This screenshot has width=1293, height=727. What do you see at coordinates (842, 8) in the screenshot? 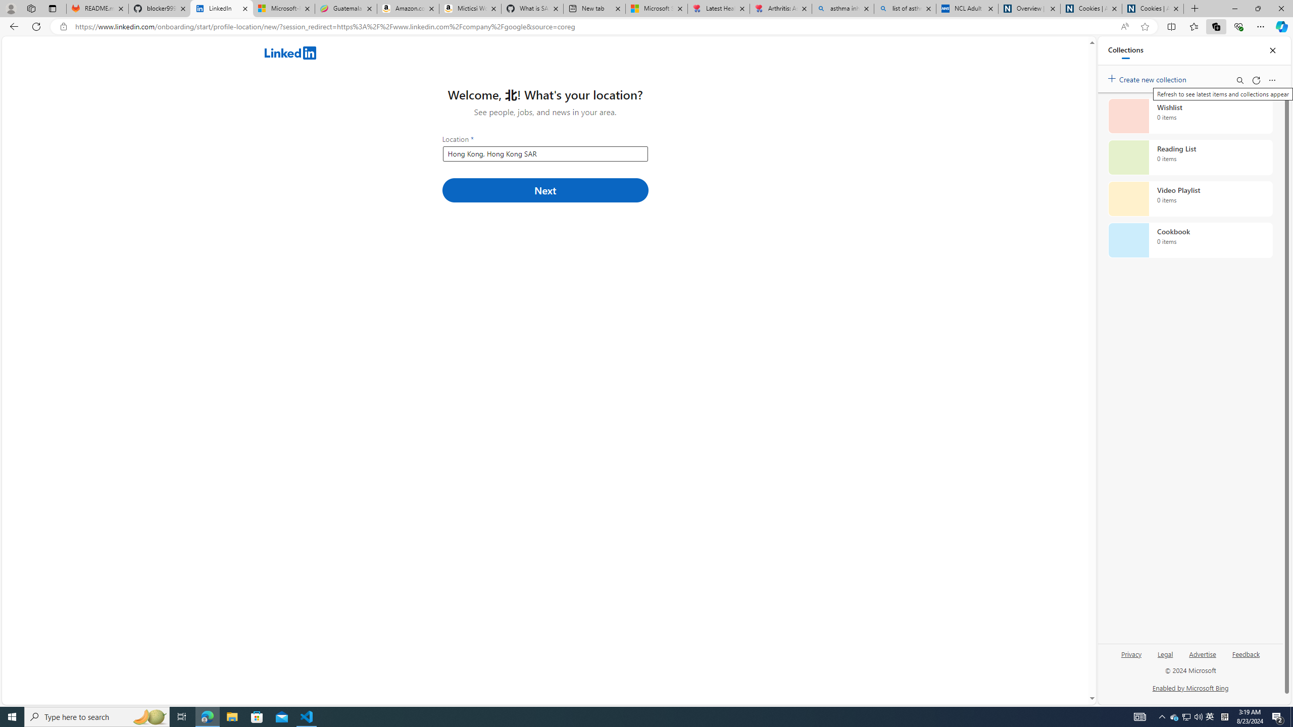
I see `'asthma inhaler - Search'` at bounding box center [842, 8].